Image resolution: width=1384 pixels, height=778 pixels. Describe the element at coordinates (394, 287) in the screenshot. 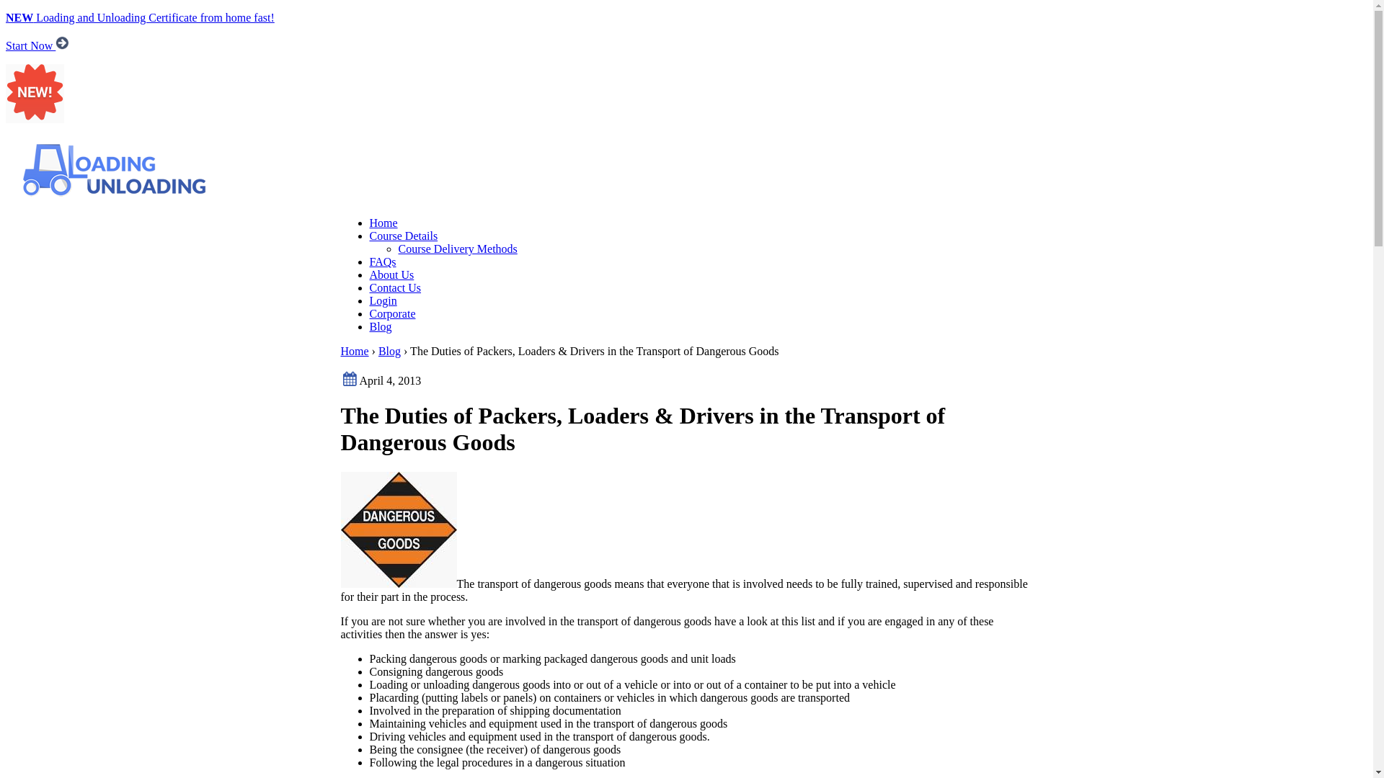

I see `'Contact Us'` at that location.